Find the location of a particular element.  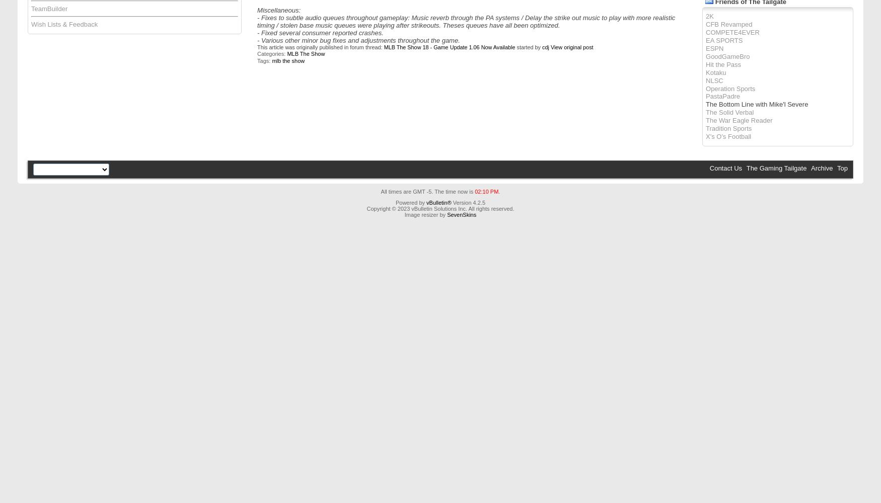

'Tags:' is located at coordinates (264, 60).